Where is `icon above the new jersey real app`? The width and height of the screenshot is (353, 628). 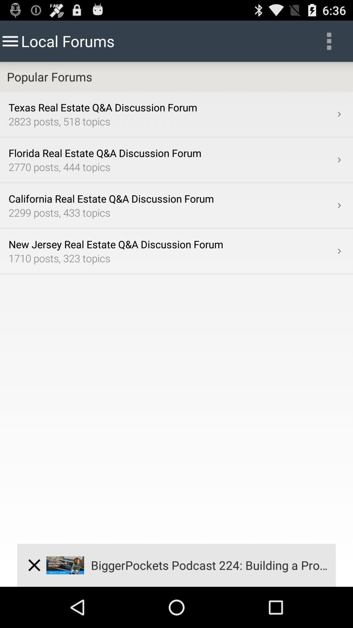
icon above the new jersey real app is located at coordinates (339, 205).